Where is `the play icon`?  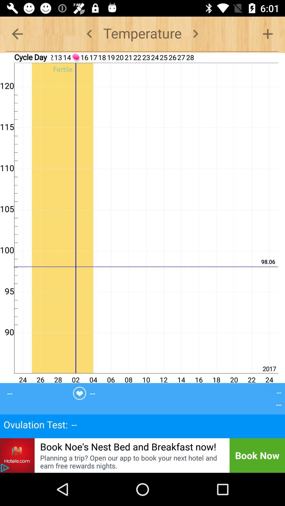
the play icon is located at coordinates (5, 468).